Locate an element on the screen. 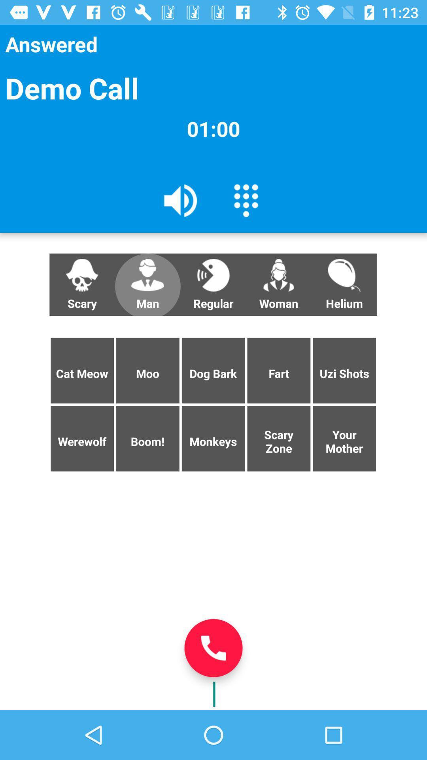  the icon below 01:00 icon is located at coordinates (181, 200).